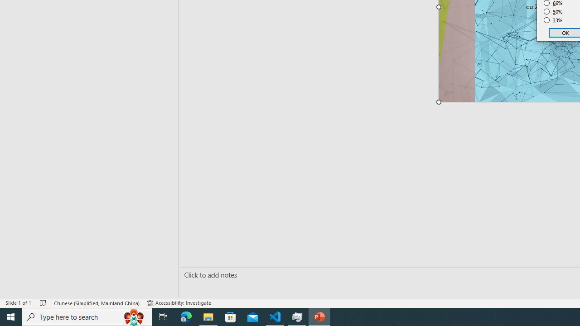 The width and height of the screenshot is (580, 326). Describe the element at coordinates (186, 316) in the screenshot. I see `'Microsoft Edge'` at that location.